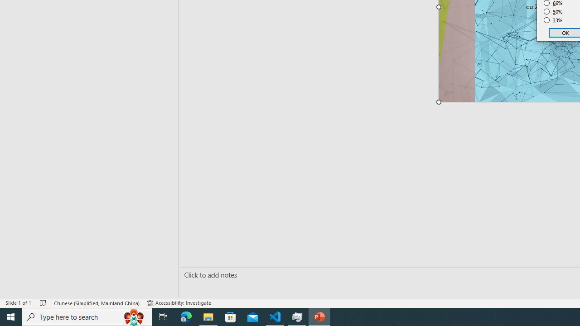 The width and height of the screenshot is (580, 326). Describe the element at coordinates (186, 316) in the screenshot. I see `'Microsoft Edge'` at that location.